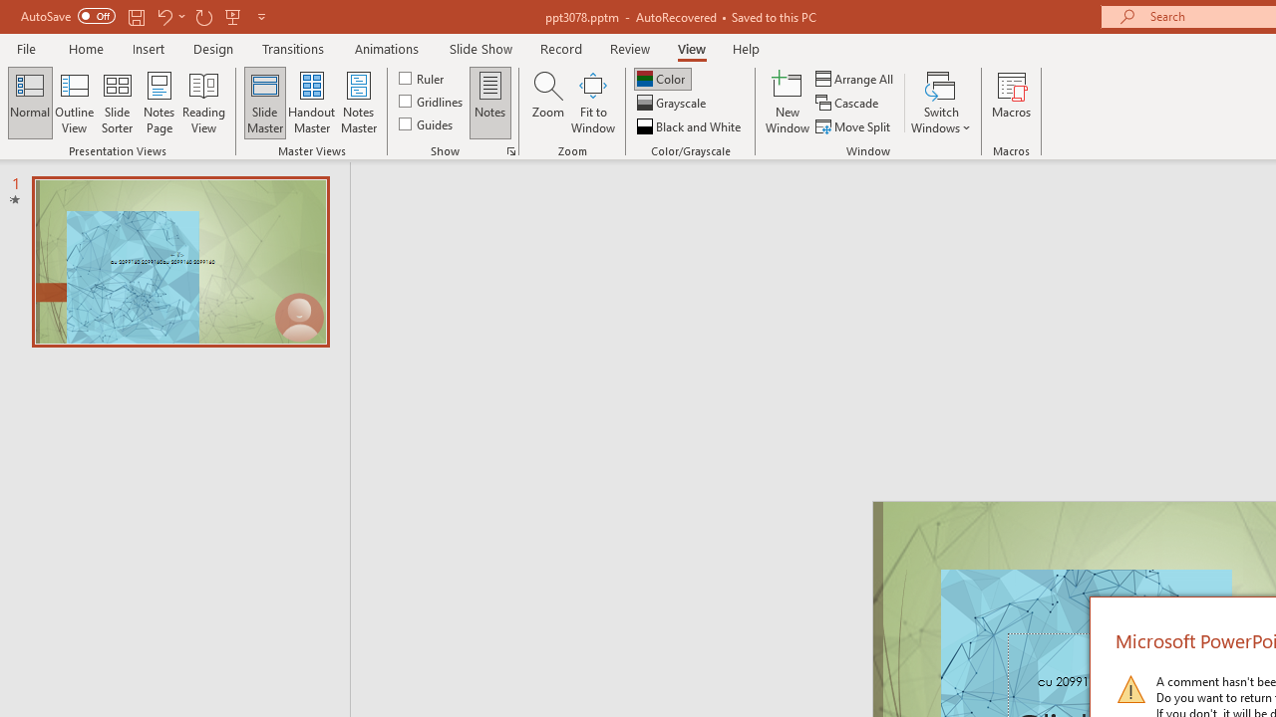  Describe the element at coordinates (855, 78) in the screenshot. I see `'Arrange All'` at that location.